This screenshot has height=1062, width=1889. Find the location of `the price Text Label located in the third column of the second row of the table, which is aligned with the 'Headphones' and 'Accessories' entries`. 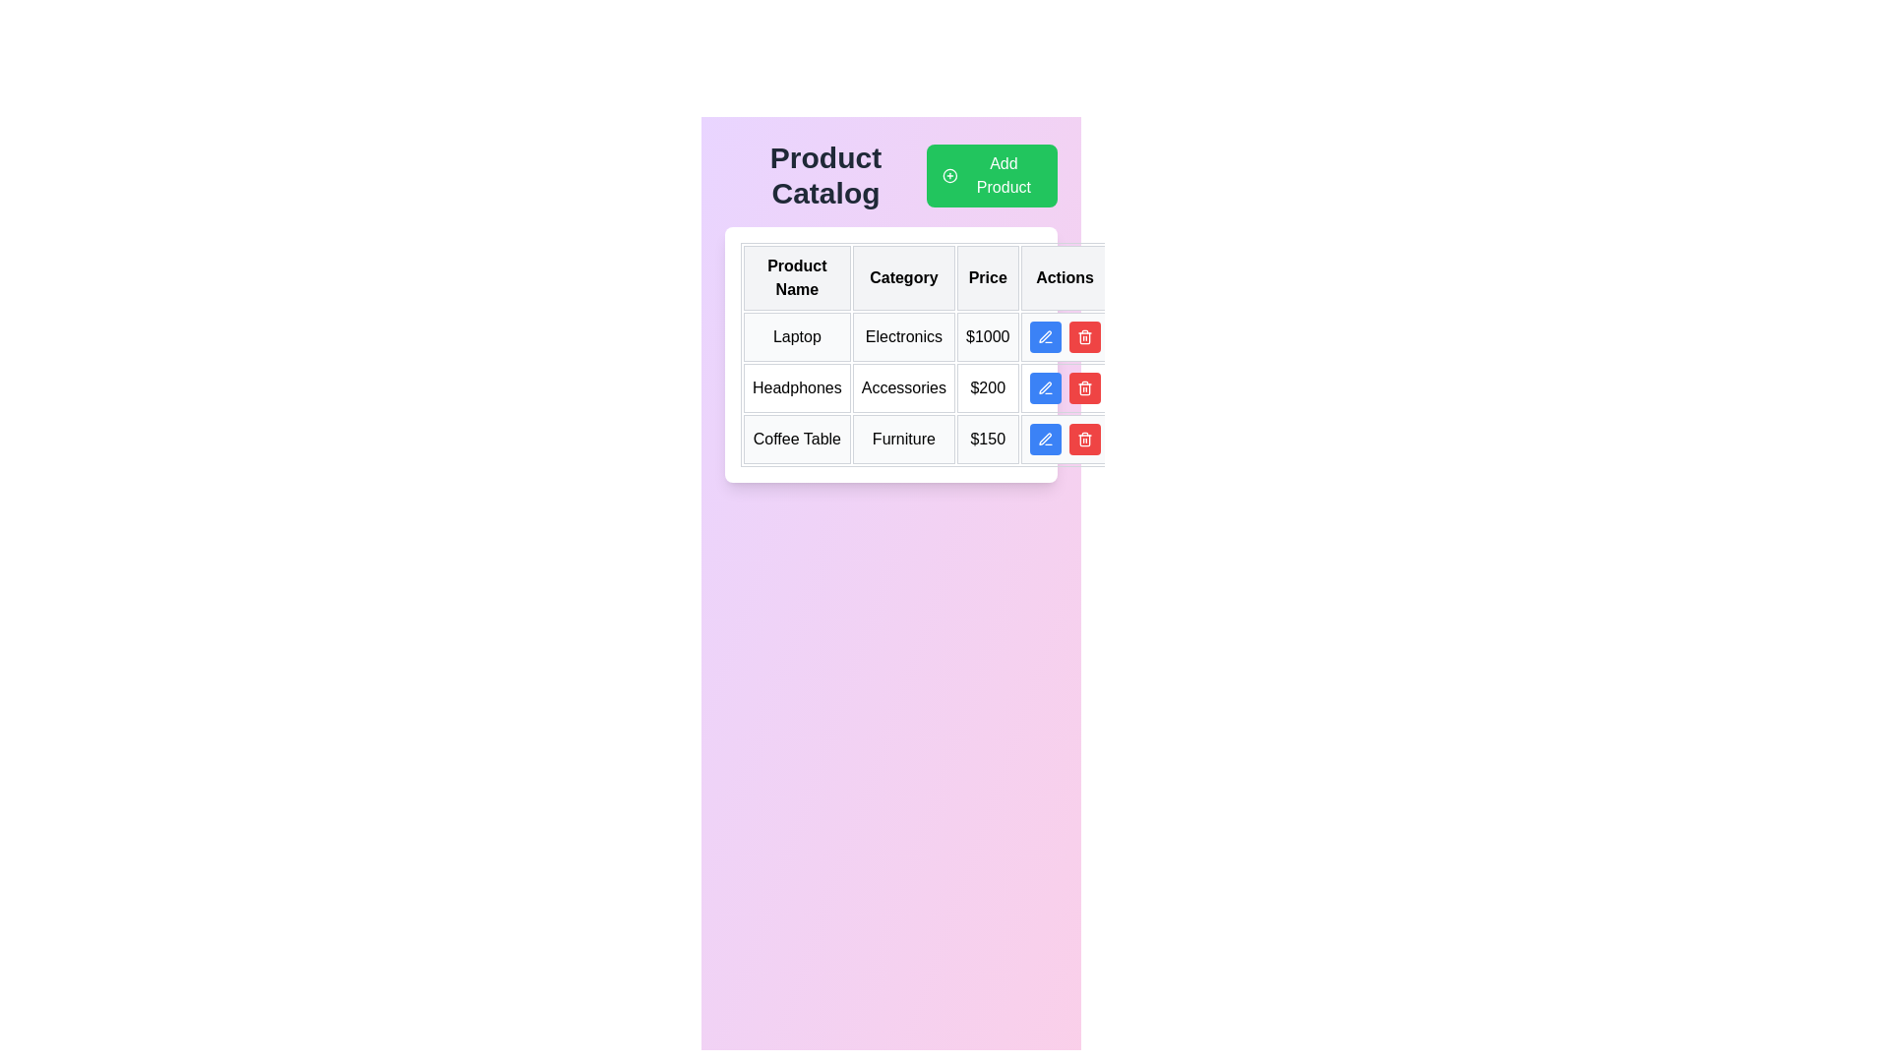

the price Text Label located in the third column of the second row of the table, which is aligned with the 'Headphones' and 'Accessories' entries is located at coordinates (988, 387).